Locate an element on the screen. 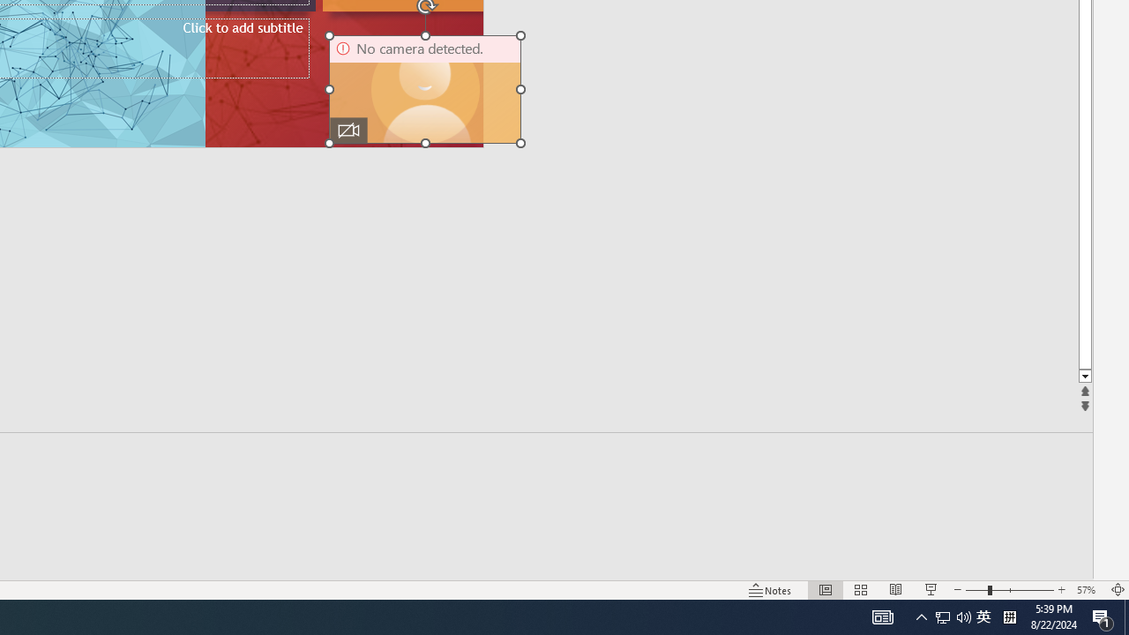 This screenshot has height=635, width=1129. 'Camera 14, No camera detected.' is located at coordinates (425, 89).